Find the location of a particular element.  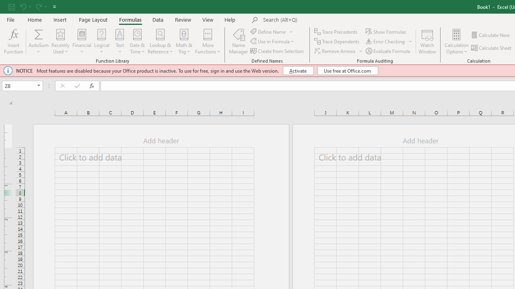

'Remove Arrows' is located at coordinates (335, 51).